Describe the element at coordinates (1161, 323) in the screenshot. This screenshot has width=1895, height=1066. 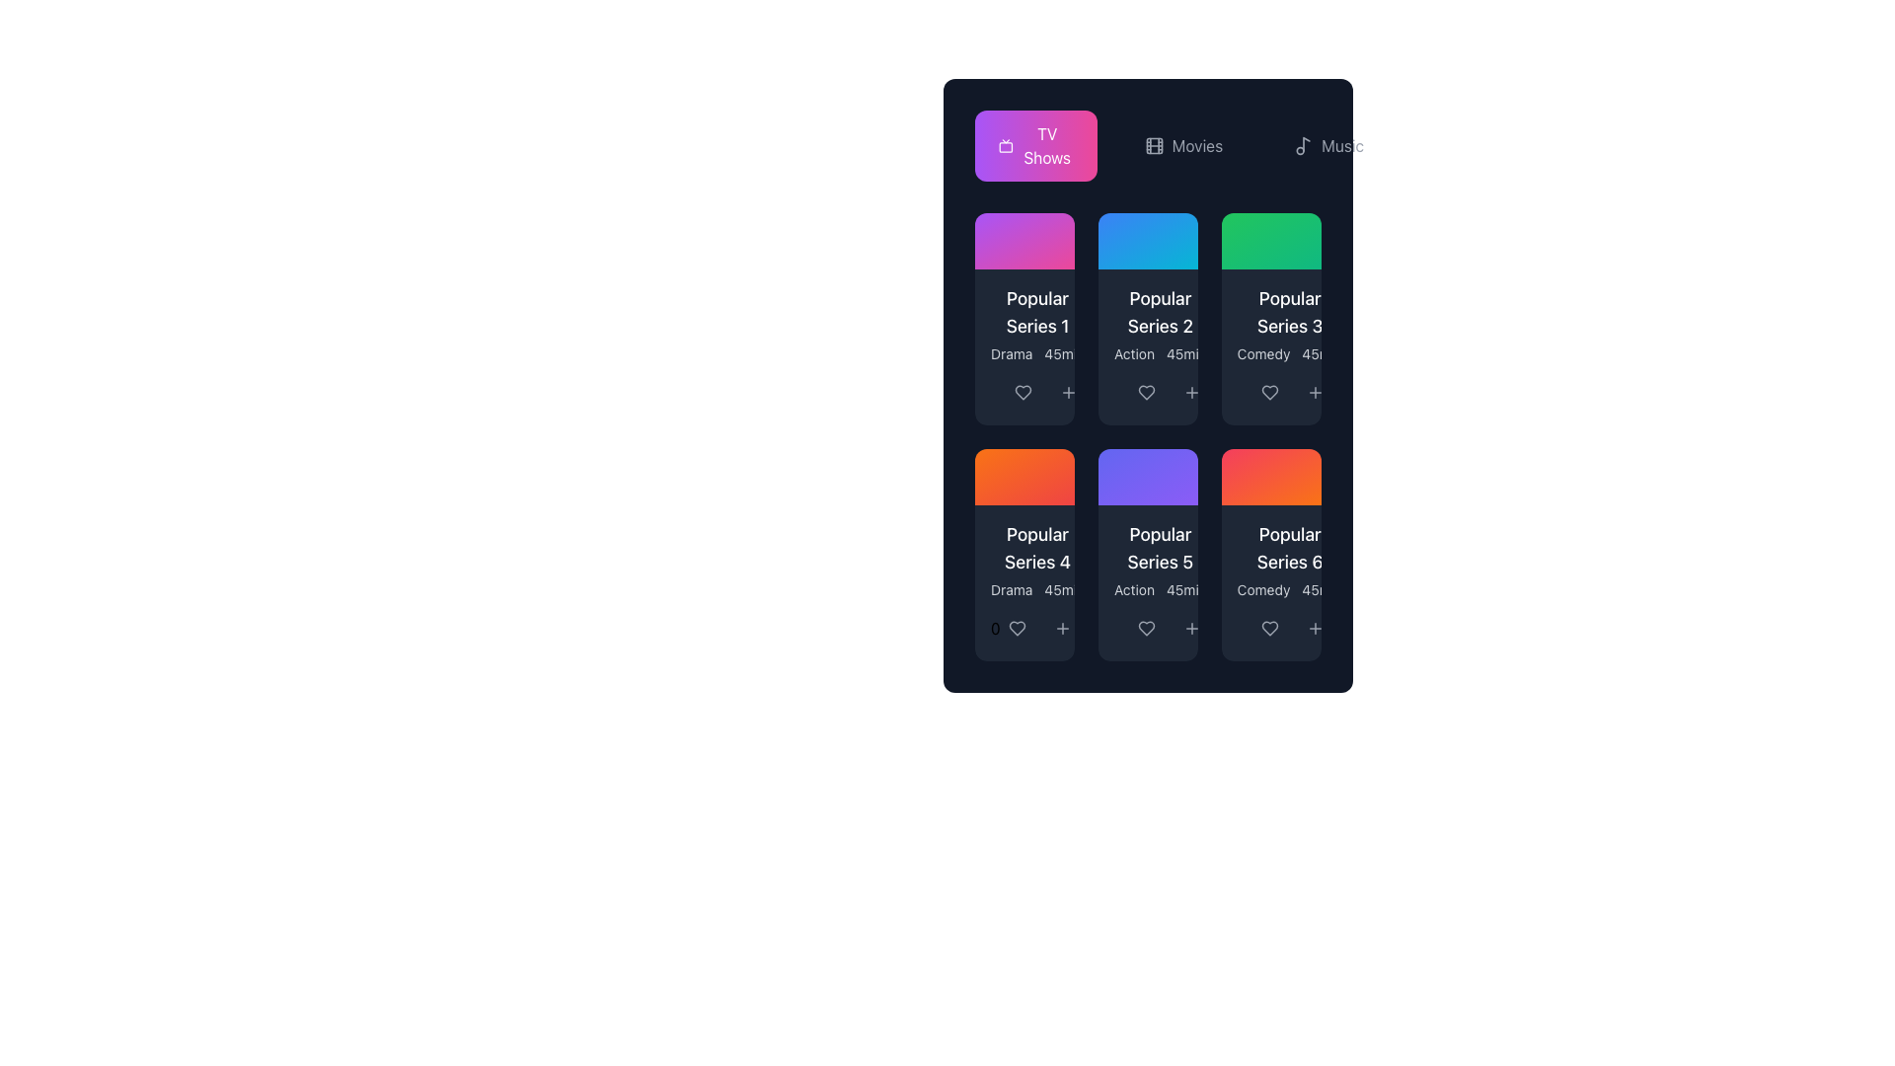
I see `the informational card that displays details about a specific series, positioned as the second card in the top row of the grid layout` at that location.